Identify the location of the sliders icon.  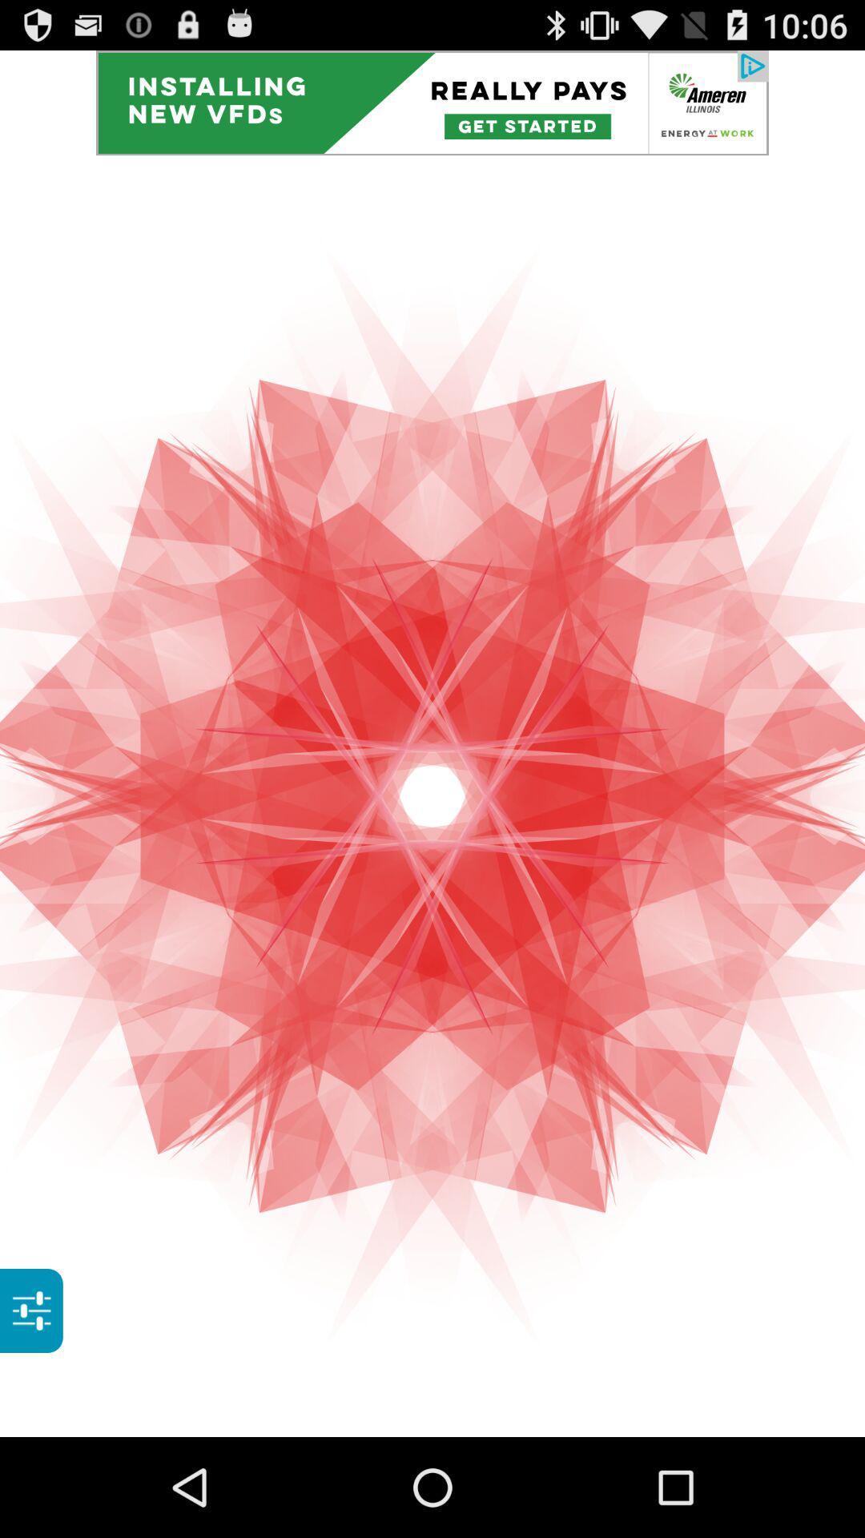
(31, 1402).